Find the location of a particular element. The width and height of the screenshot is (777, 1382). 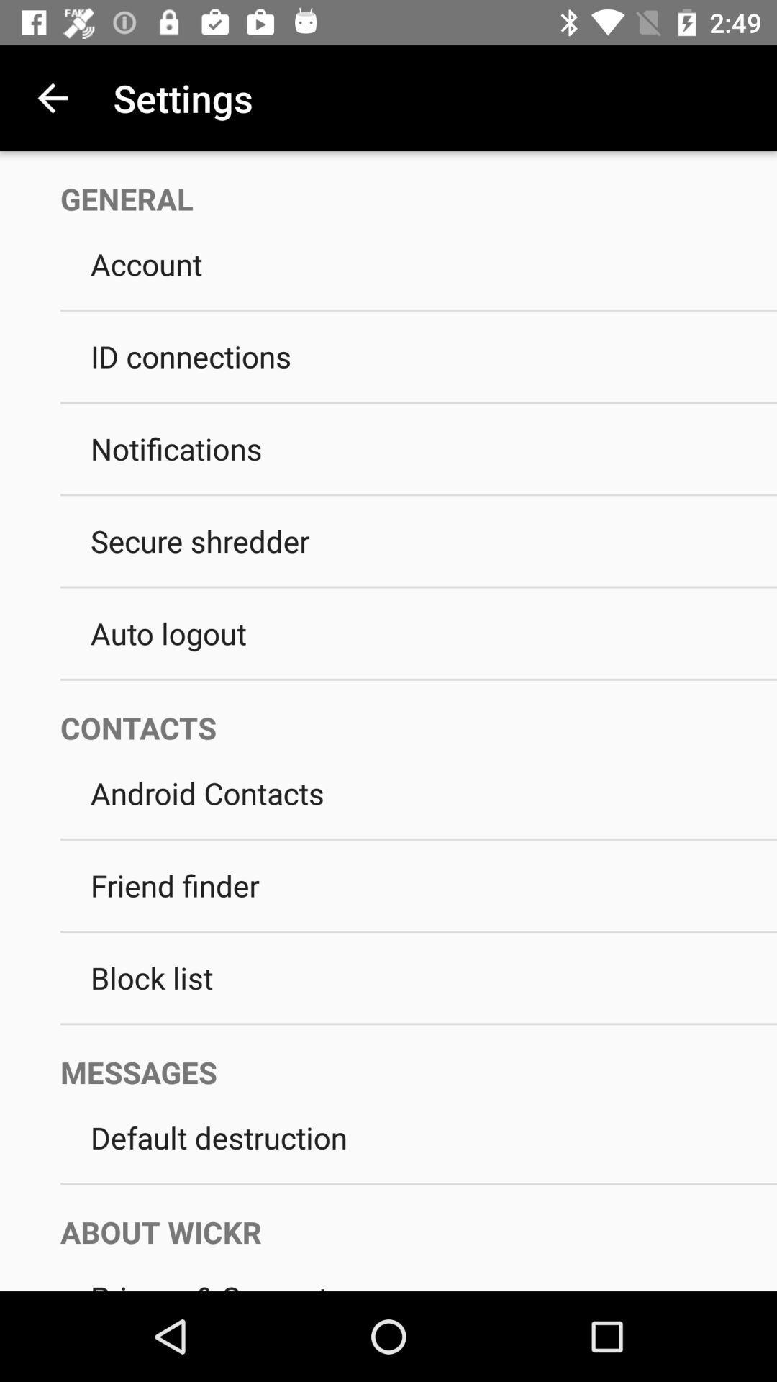

item above general is located at coordinates (52, 97).